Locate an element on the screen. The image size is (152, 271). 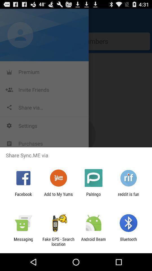
icon to the left of the add to my app is located at coordinates (23, 196).